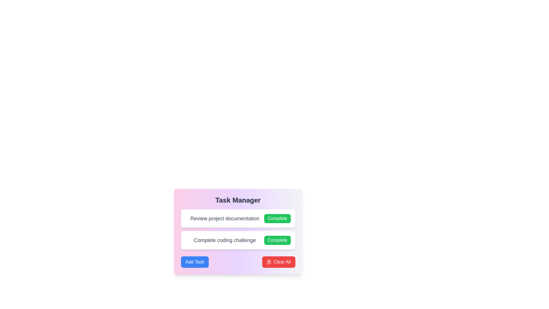 This screenshot has height=309, width=549. I want to click on the button used to add a new task in the task management interface to change its background color, so click(195, 262).